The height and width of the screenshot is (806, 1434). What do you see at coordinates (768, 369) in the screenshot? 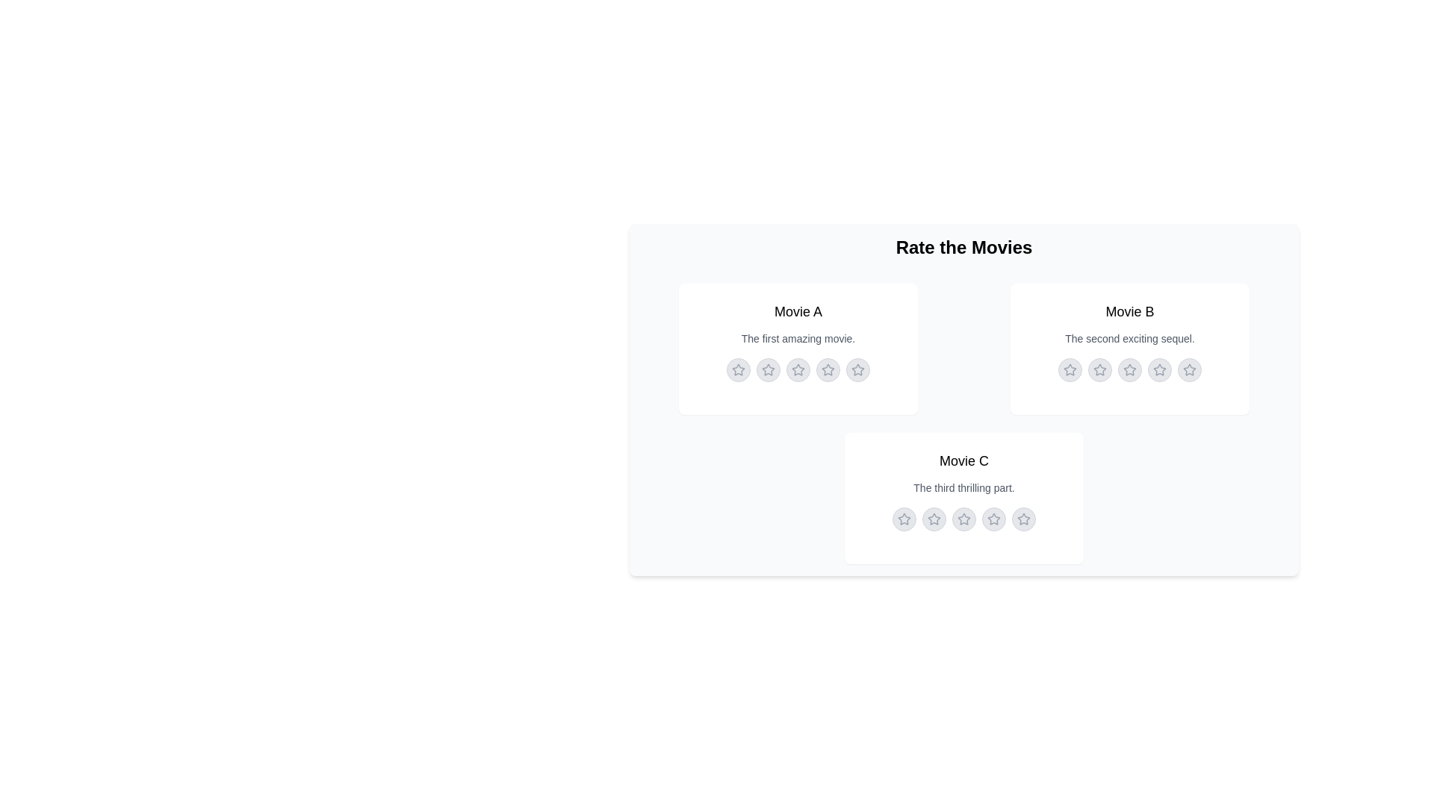
I see `the rounded light gray button with an outlined star icon, which is the second button in the series under the 'Movie A' card, to activate its hover state` at bounding box center [768, 369].